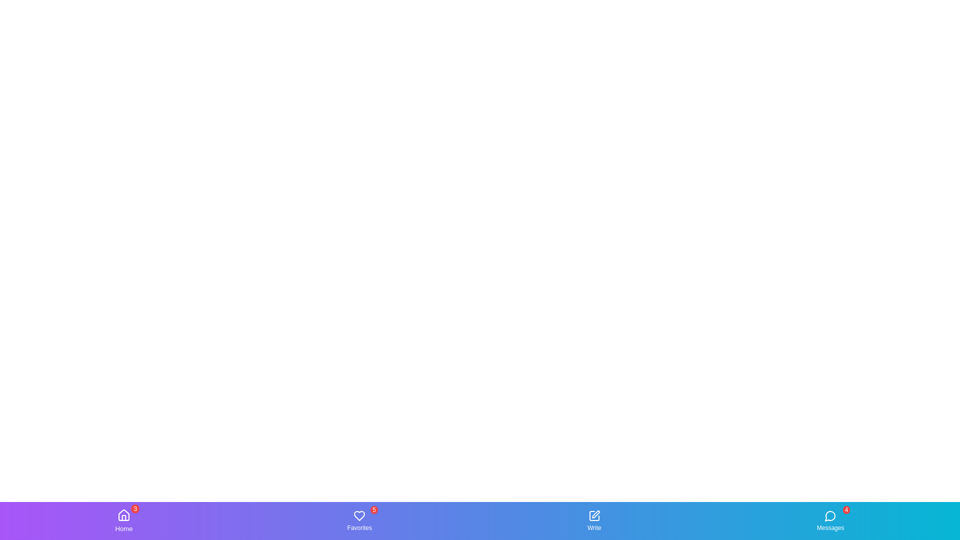 The width and height of the screenshot is (960, 540). I want to click on the tab labeled Home, so click(123, 520).